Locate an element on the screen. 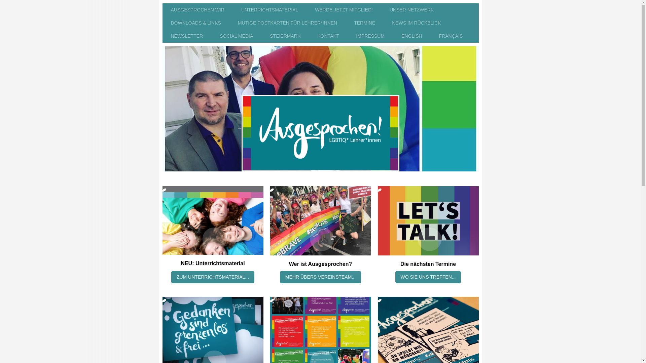  'IMPRESSUM' is located at coordinates (370, 36).